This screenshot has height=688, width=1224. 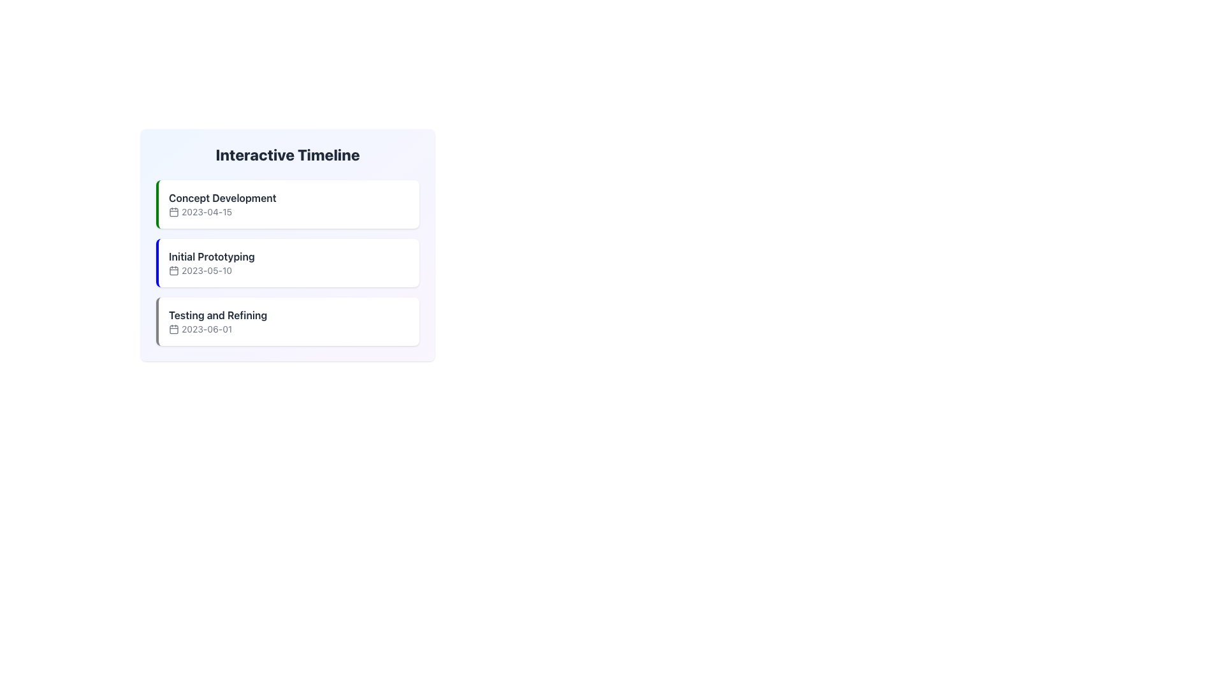 I want to click on the small gray calendar icon located to the left of the date '2023-05-10' in the second row of the 'Interactive Timeline' section, so click(x=173, y=269).